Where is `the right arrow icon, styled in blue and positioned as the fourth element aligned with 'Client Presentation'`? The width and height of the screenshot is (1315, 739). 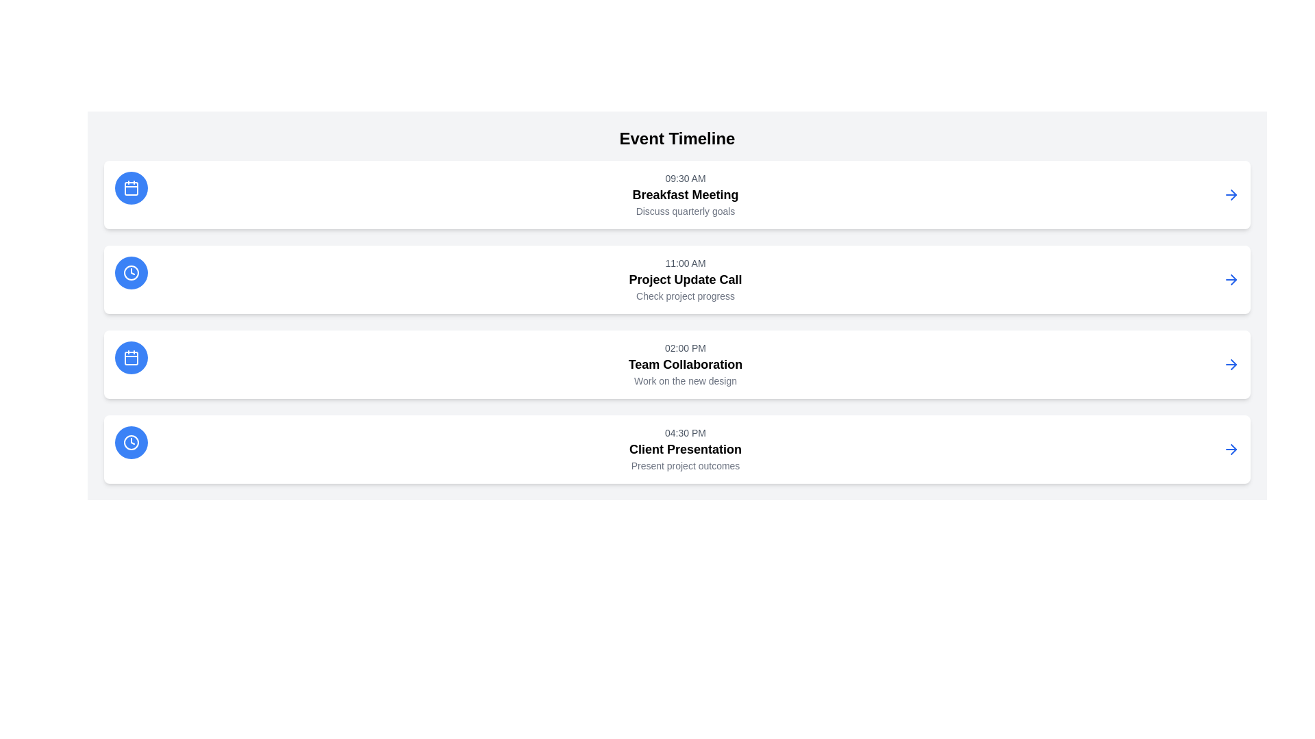 the right arrow icon, styled in blue and positioned as the fourth element aligned with 'Client Presentation' is located at coordinates (1231, 449).